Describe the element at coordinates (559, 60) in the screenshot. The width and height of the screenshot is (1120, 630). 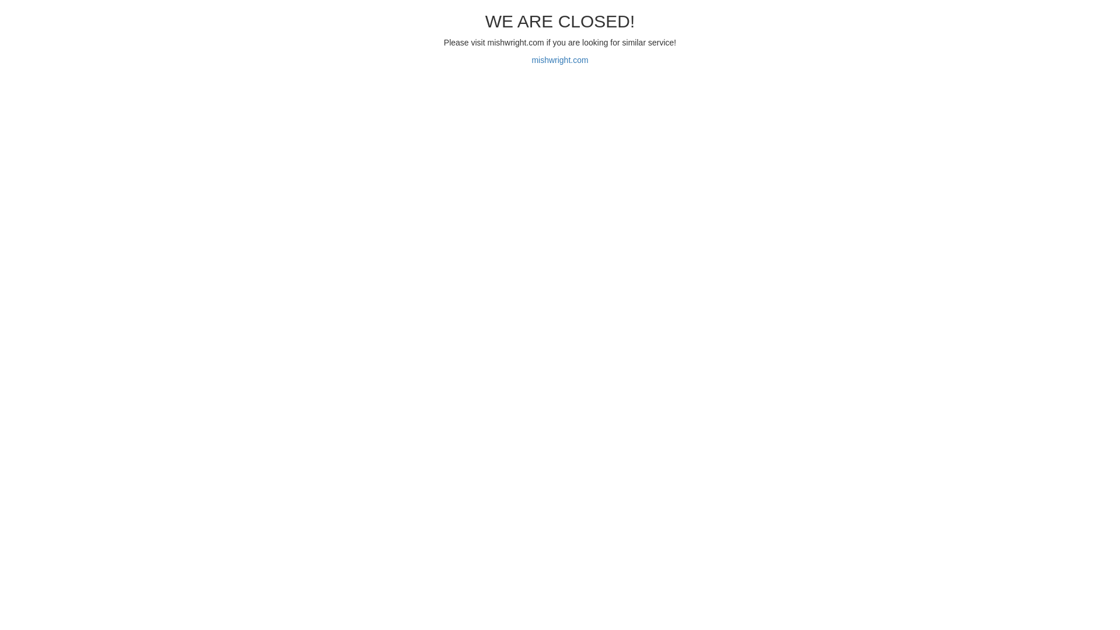
I see `'mishwright.com'` at that location.